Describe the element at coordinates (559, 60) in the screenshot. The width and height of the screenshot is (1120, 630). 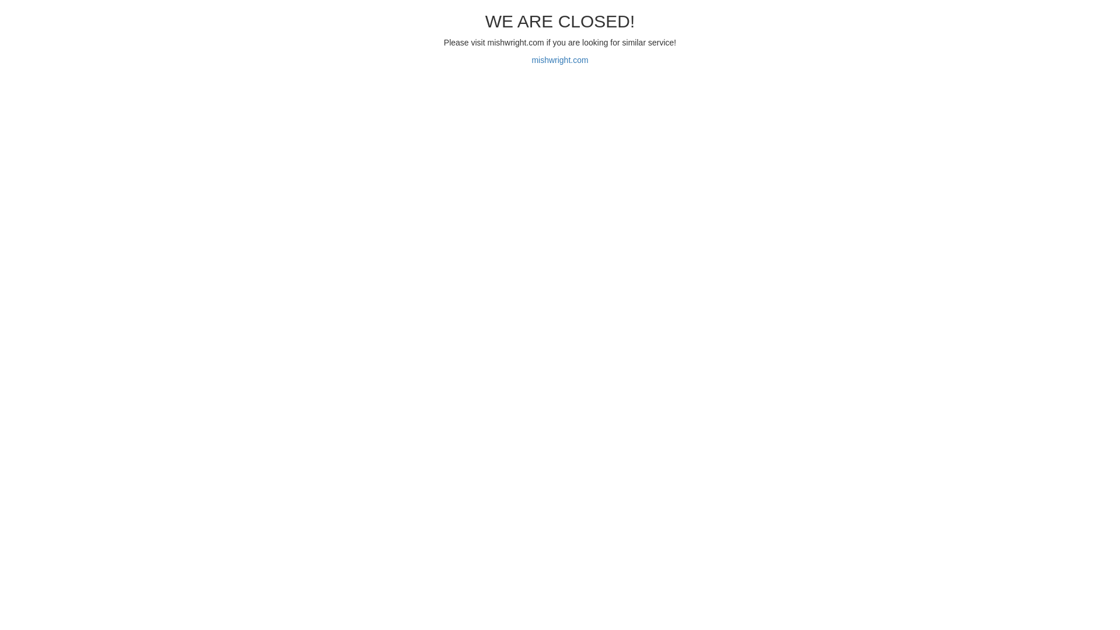
I see `'mishwright.com'` at that location.